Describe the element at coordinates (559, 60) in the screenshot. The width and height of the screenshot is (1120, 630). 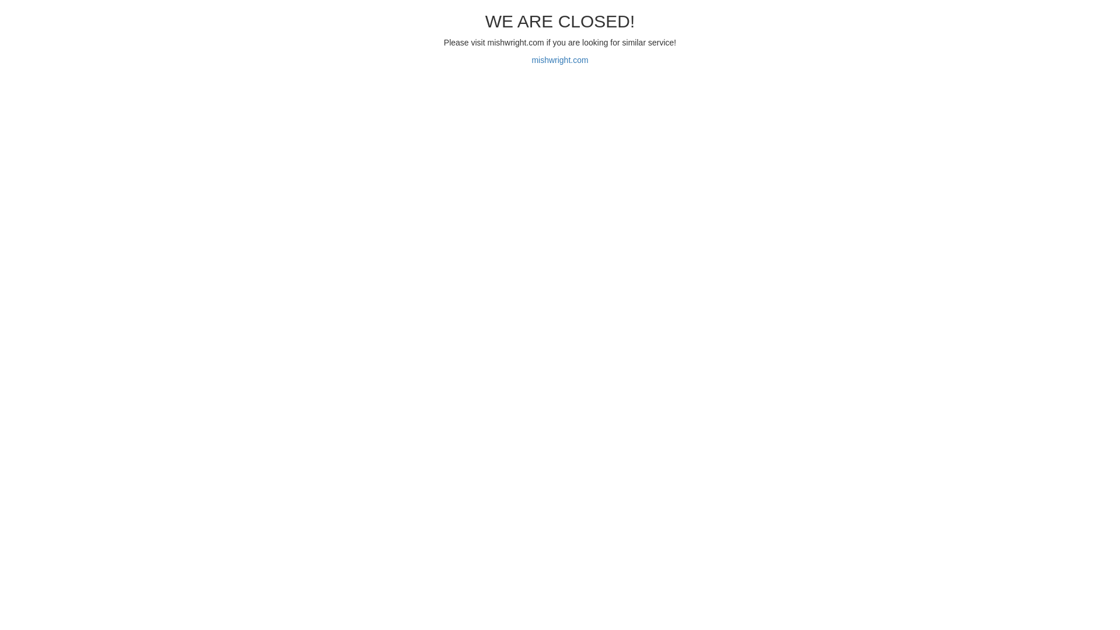
I see `'mishwright.com'` at that location.